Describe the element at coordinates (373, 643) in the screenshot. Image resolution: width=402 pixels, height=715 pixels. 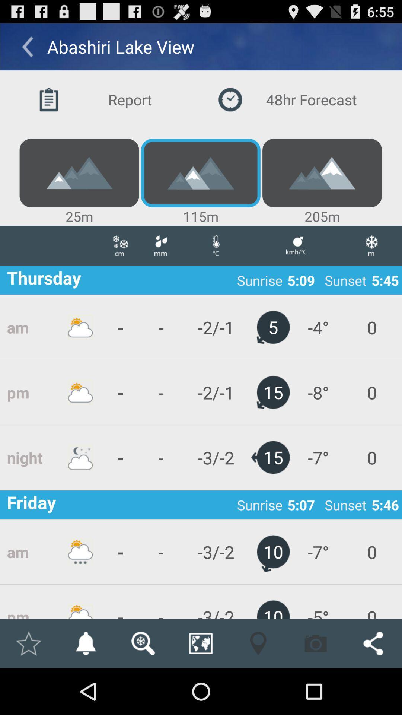
I see `share content` at that location.